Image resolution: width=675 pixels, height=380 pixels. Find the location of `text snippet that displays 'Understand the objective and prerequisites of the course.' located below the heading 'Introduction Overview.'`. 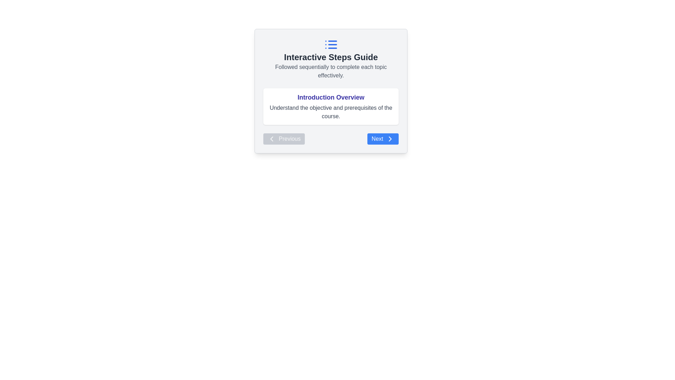

text snippet that displays 'Understand the objective and prerequisites of the course.' located below the heading 'Introduction Overview.' is located at coordinates (330, 112).